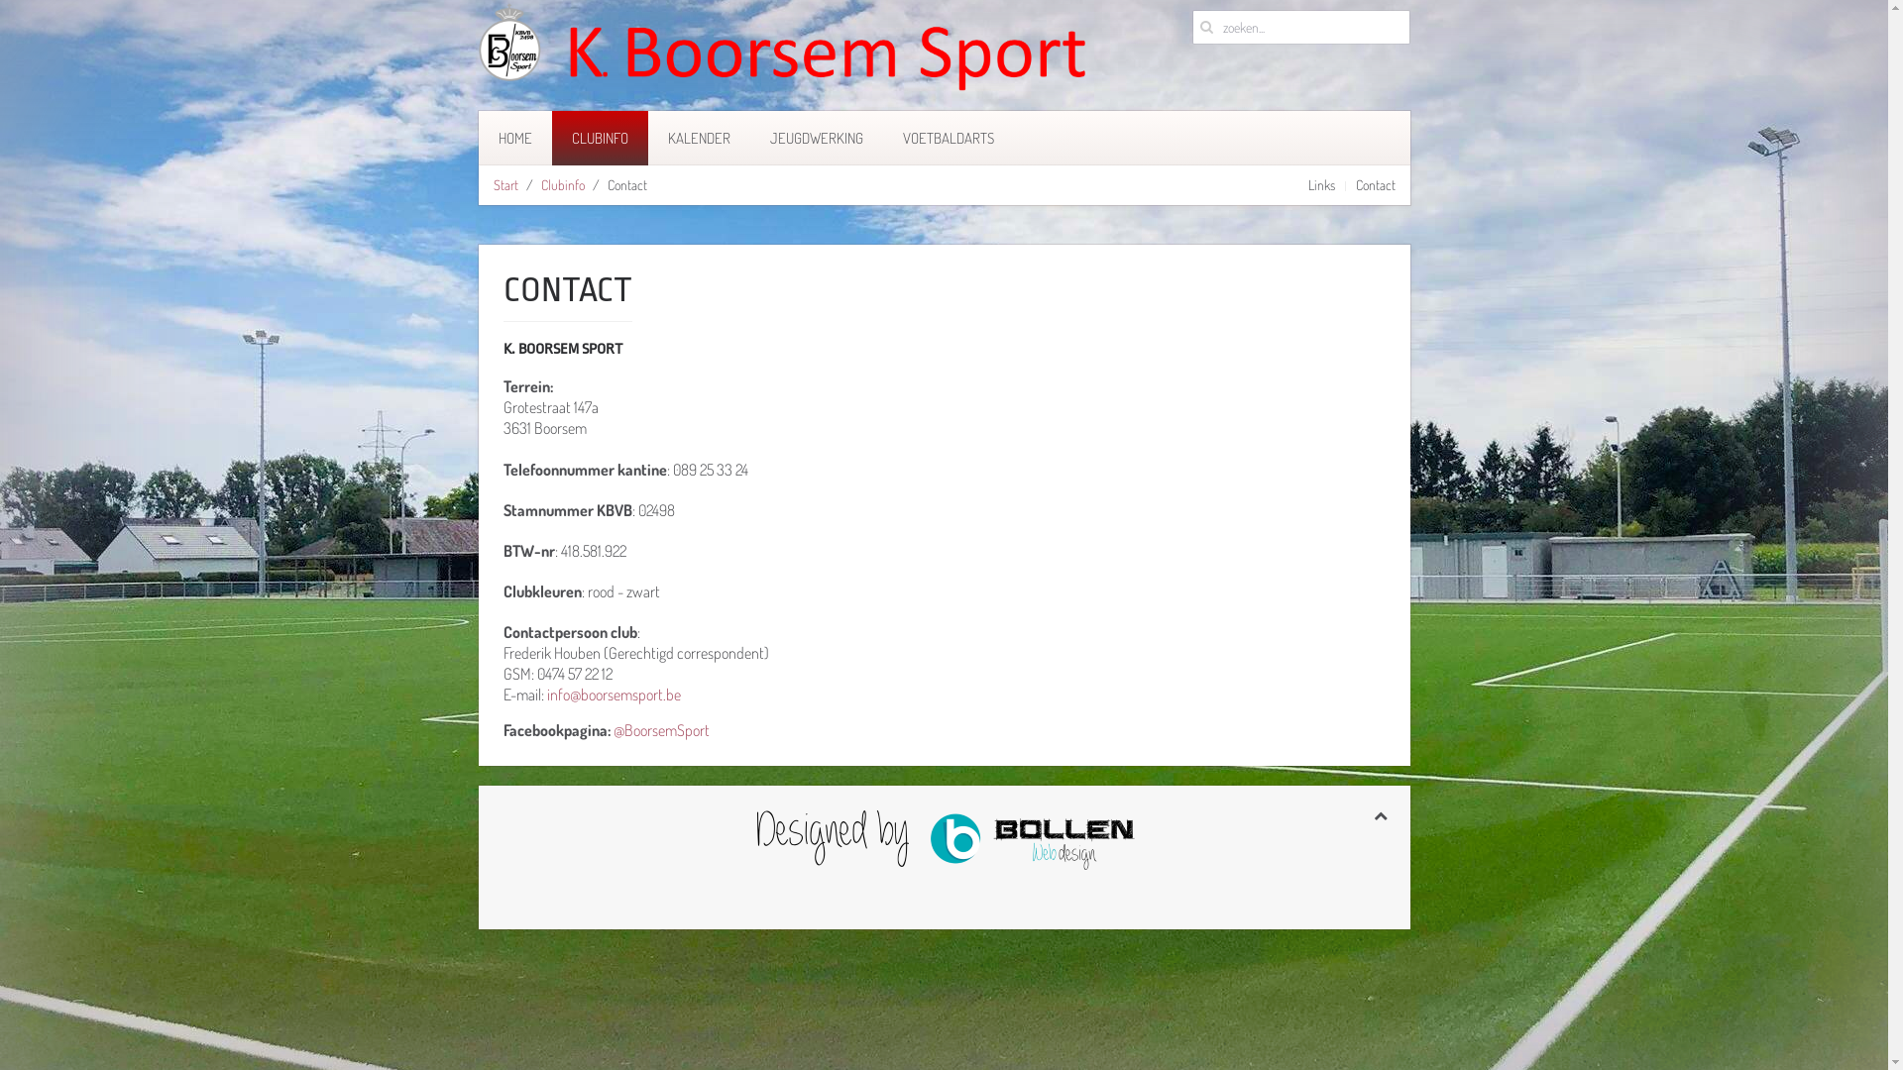 The height and width of the screenshot is (1070, 1903). I want to click on 'VOETBALDARTS', so click(880, 137).